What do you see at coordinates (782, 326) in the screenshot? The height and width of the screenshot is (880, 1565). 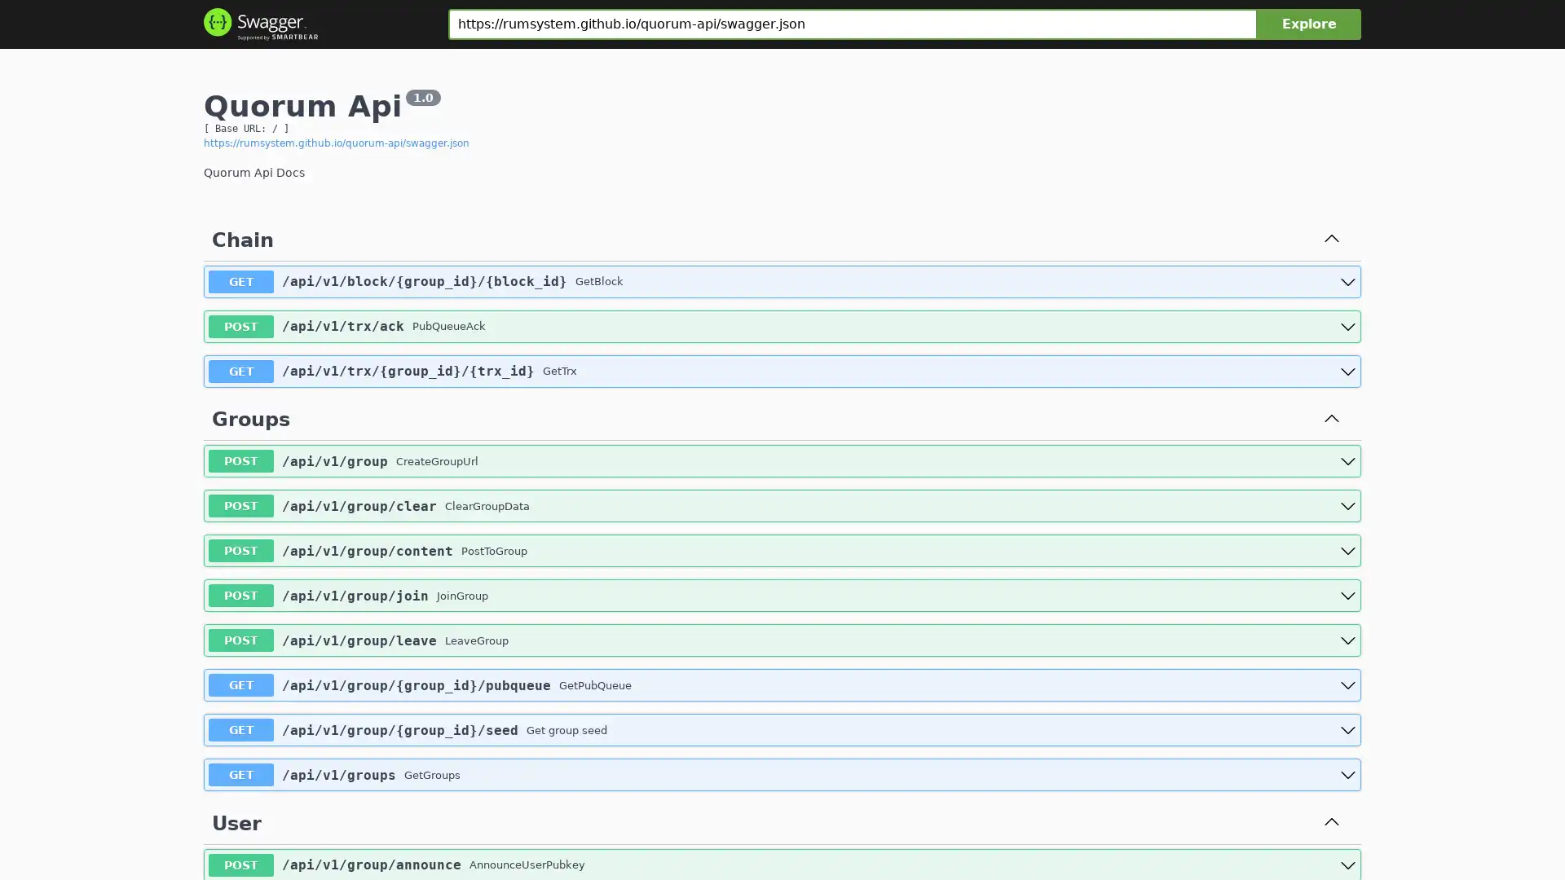 I see `post /api/v1/trx/ack` at bounding box center [782, 326].